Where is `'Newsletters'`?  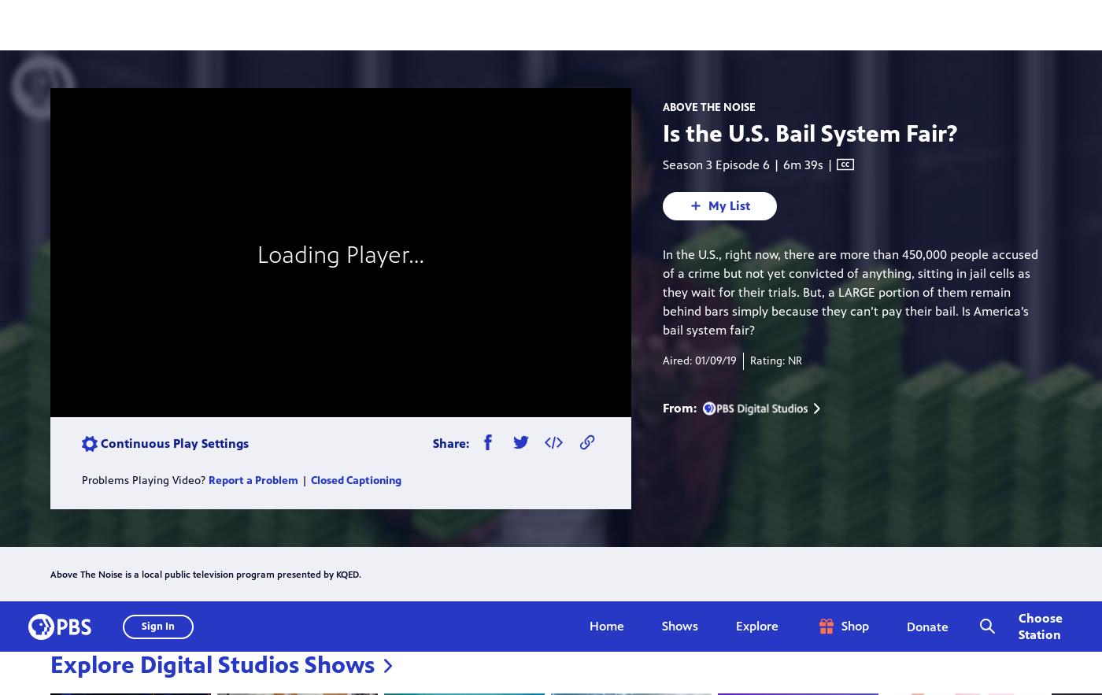 'Newsletters' is located at coordinates (926, 506).